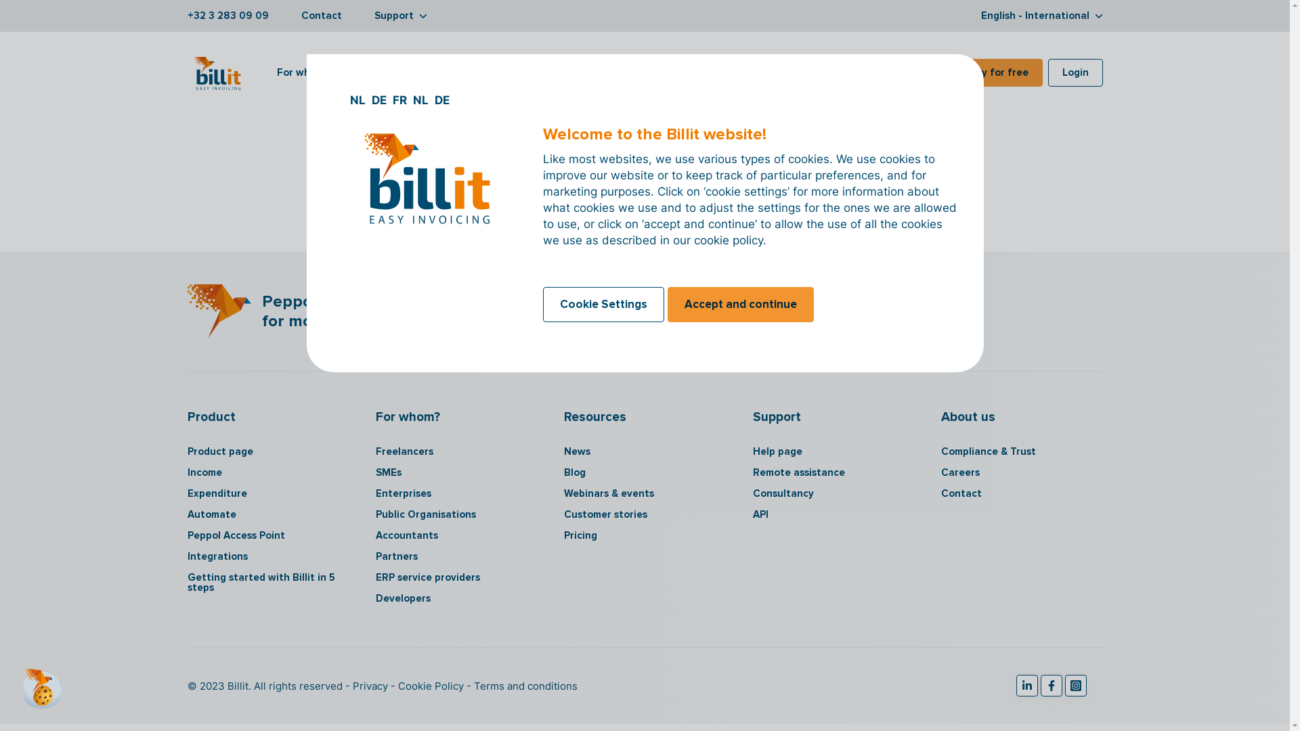 The image size is (1300, 731). I want to click on 'Compliance & Trust', so click(1021, 451).